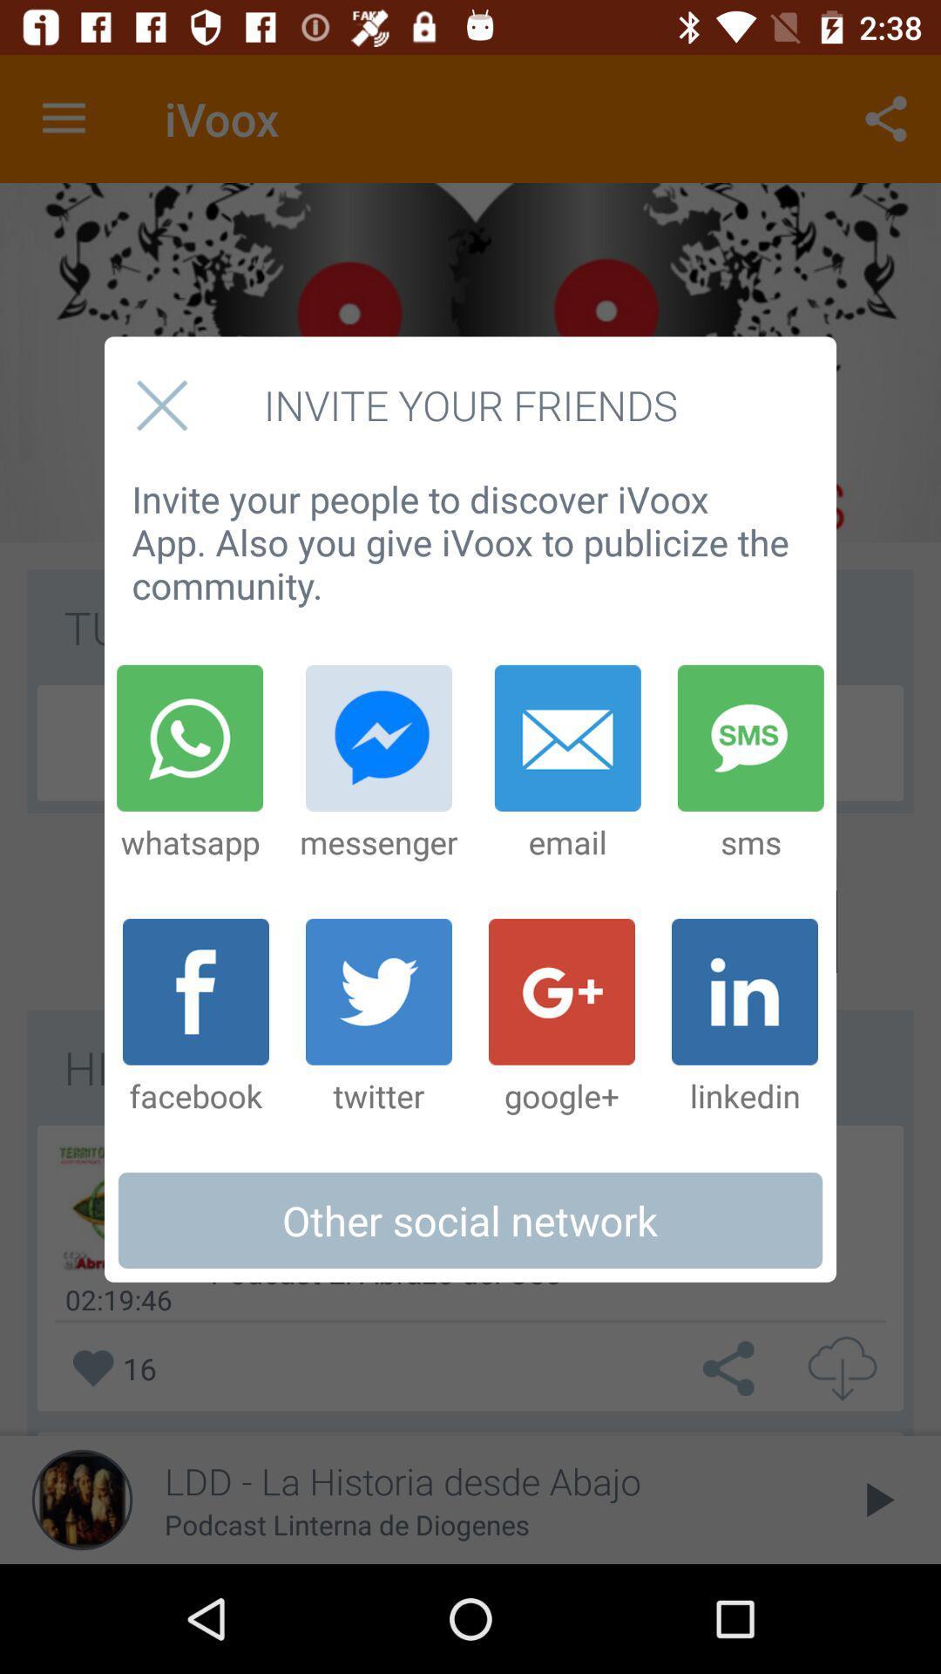 The width and height of the screenshot is (941, 1674). I want to click on email icon, so click(567, 764).